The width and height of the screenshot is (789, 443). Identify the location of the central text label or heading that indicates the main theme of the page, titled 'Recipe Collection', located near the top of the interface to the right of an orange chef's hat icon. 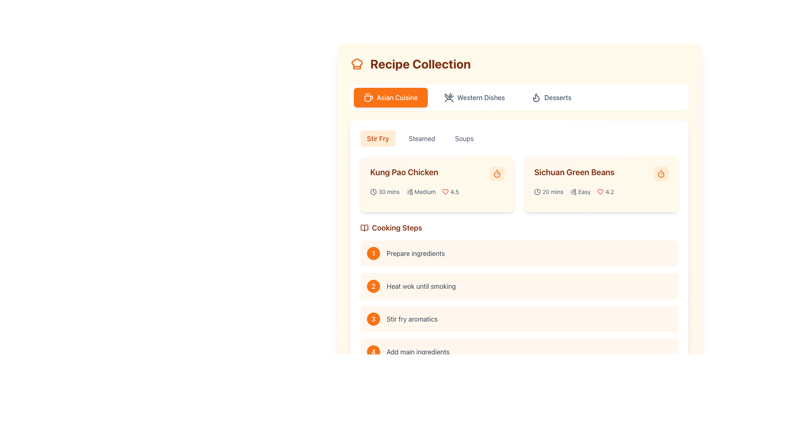
(420, 63).